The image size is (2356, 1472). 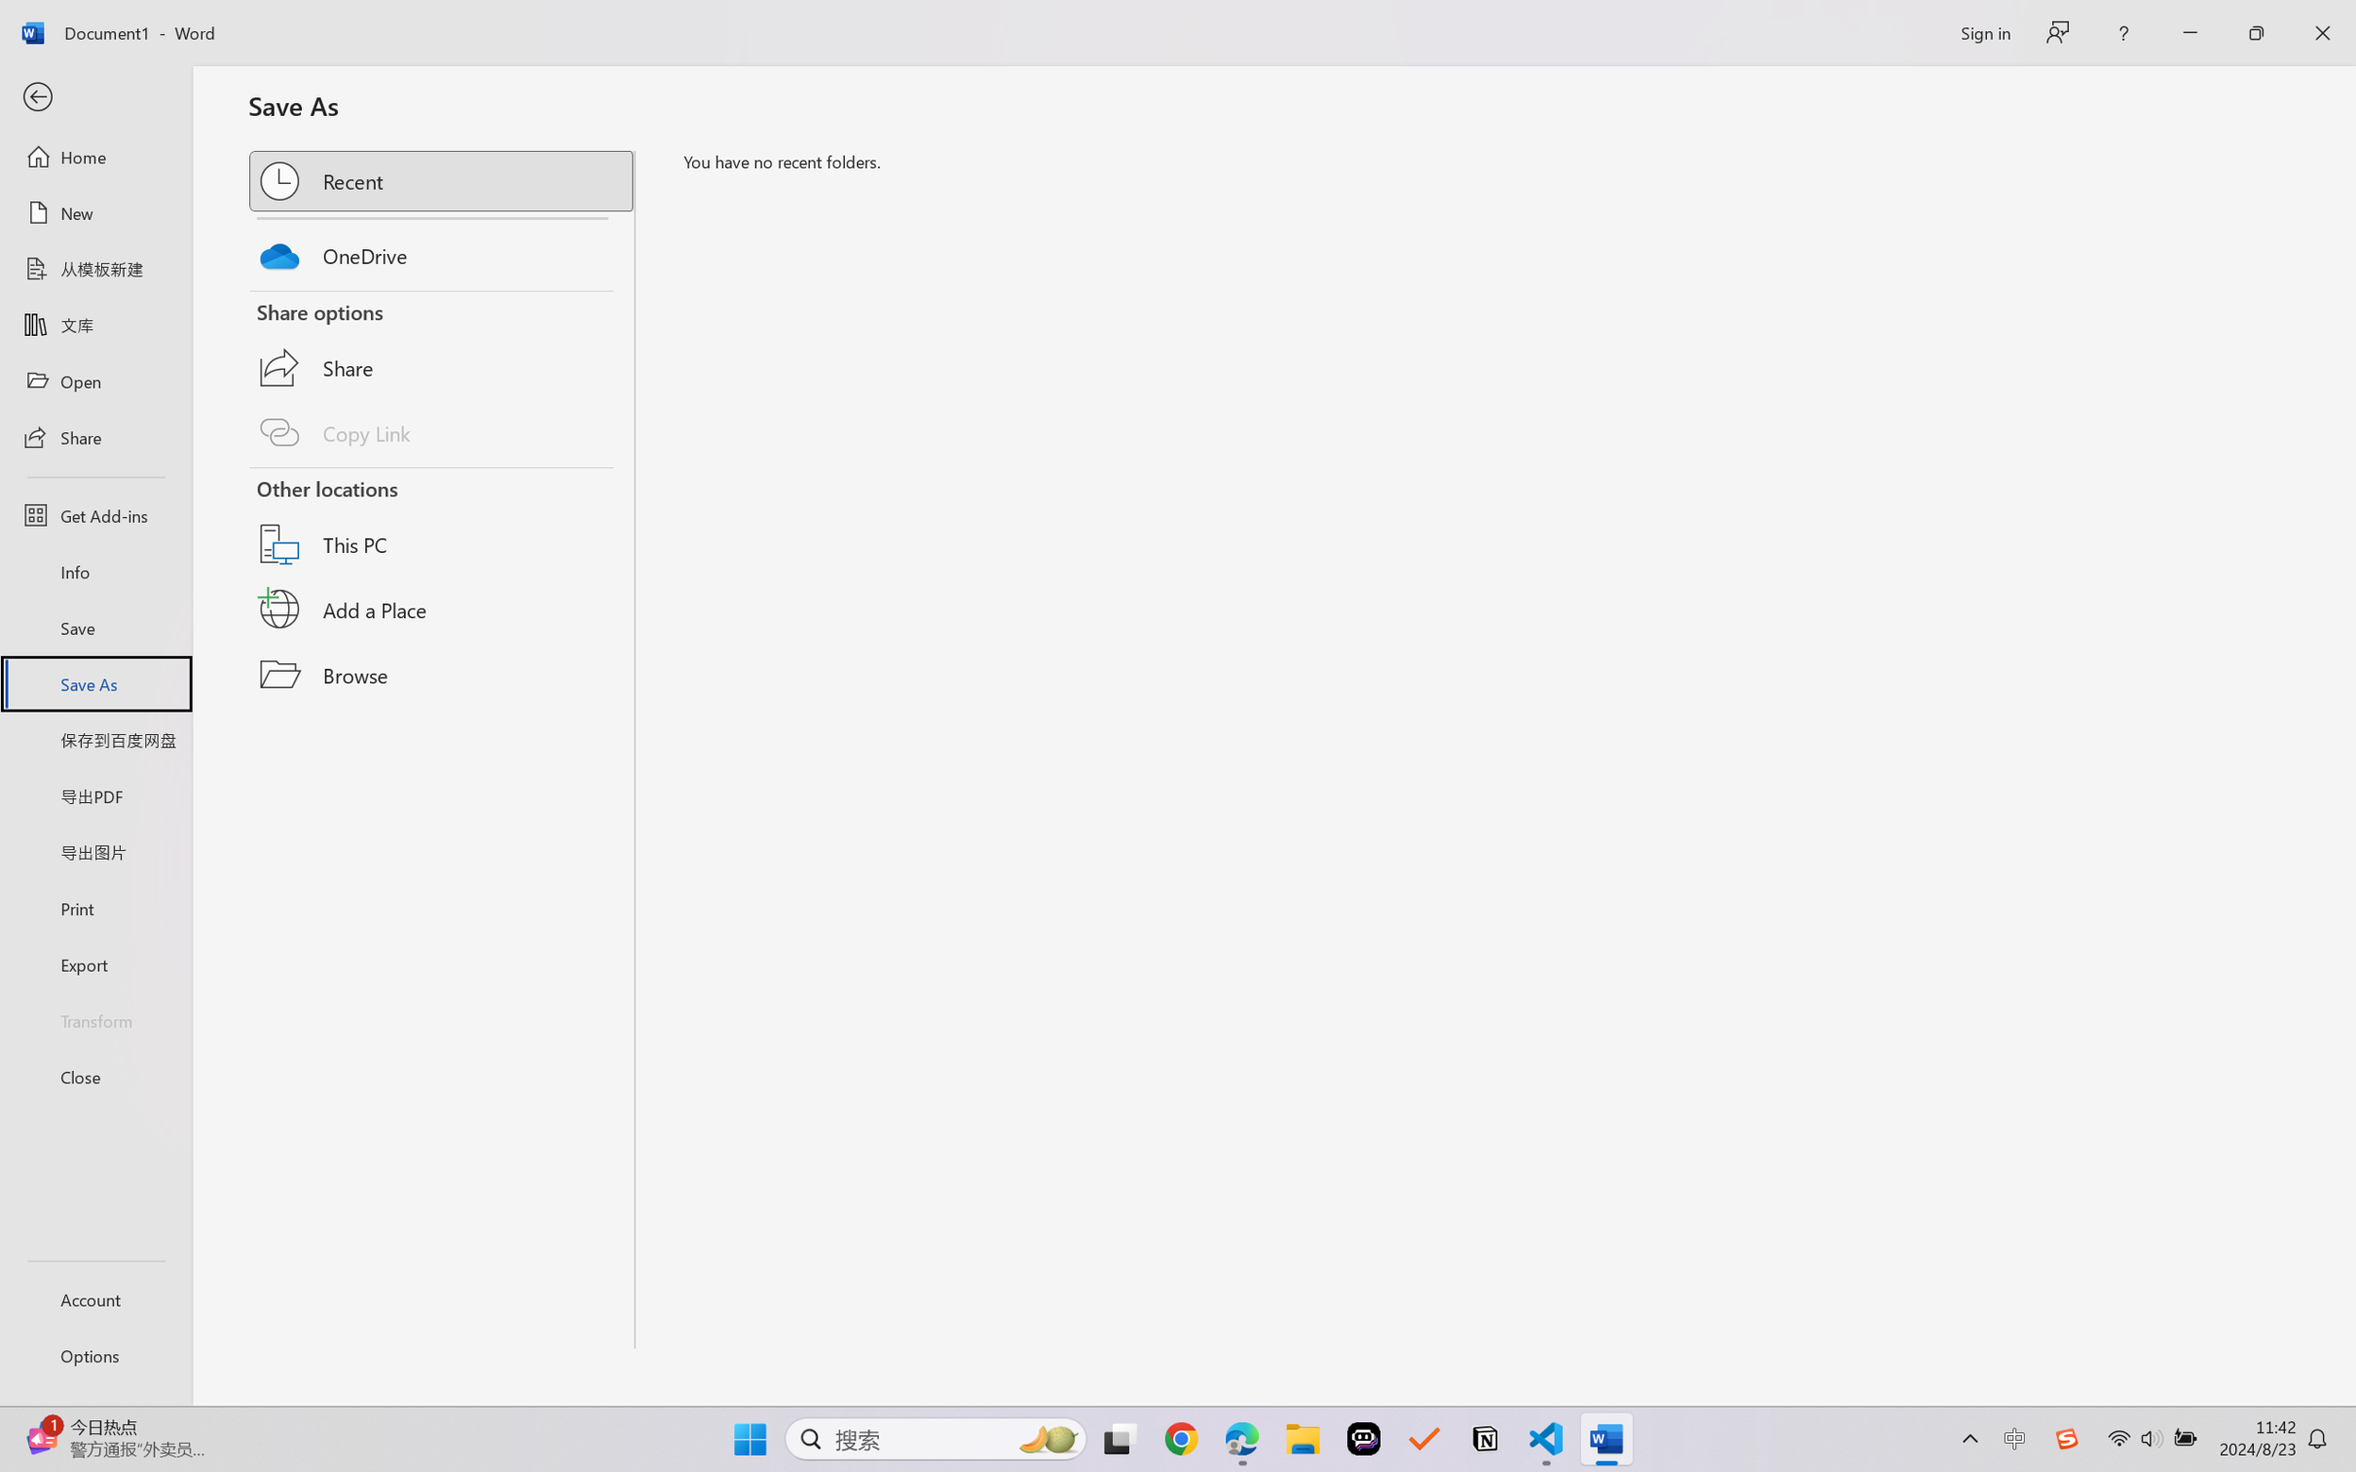 I want to click on 'Copy Link', so click(x=442, y=430).